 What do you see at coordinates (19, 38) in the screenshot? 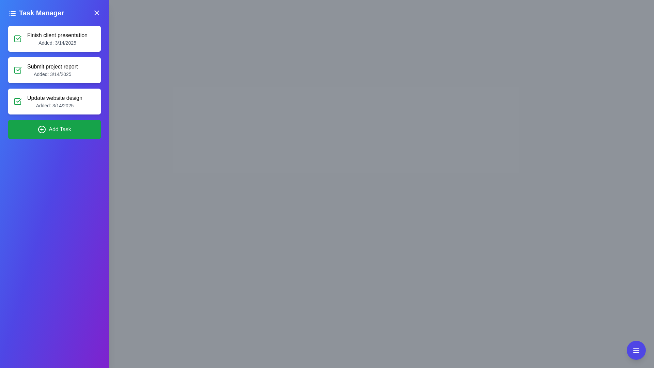
I see `the checkmark icon that indicates the completion of the task next to 'Update website design' in the task list` at bounding box center [19, 38].